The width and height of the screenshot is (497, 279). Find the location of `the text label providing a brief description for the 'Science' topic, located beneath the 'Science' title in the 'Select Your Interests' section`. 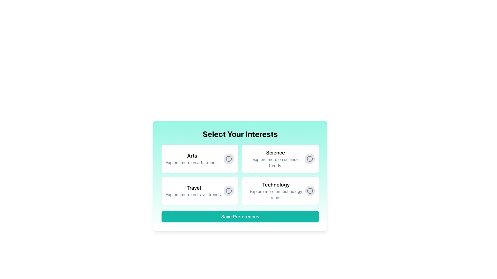

the text label providing a brief description for the 'Science' topic, located beneath the 'Science' title in the 'Select Your Interests' section is located at coordinates (275, 162).